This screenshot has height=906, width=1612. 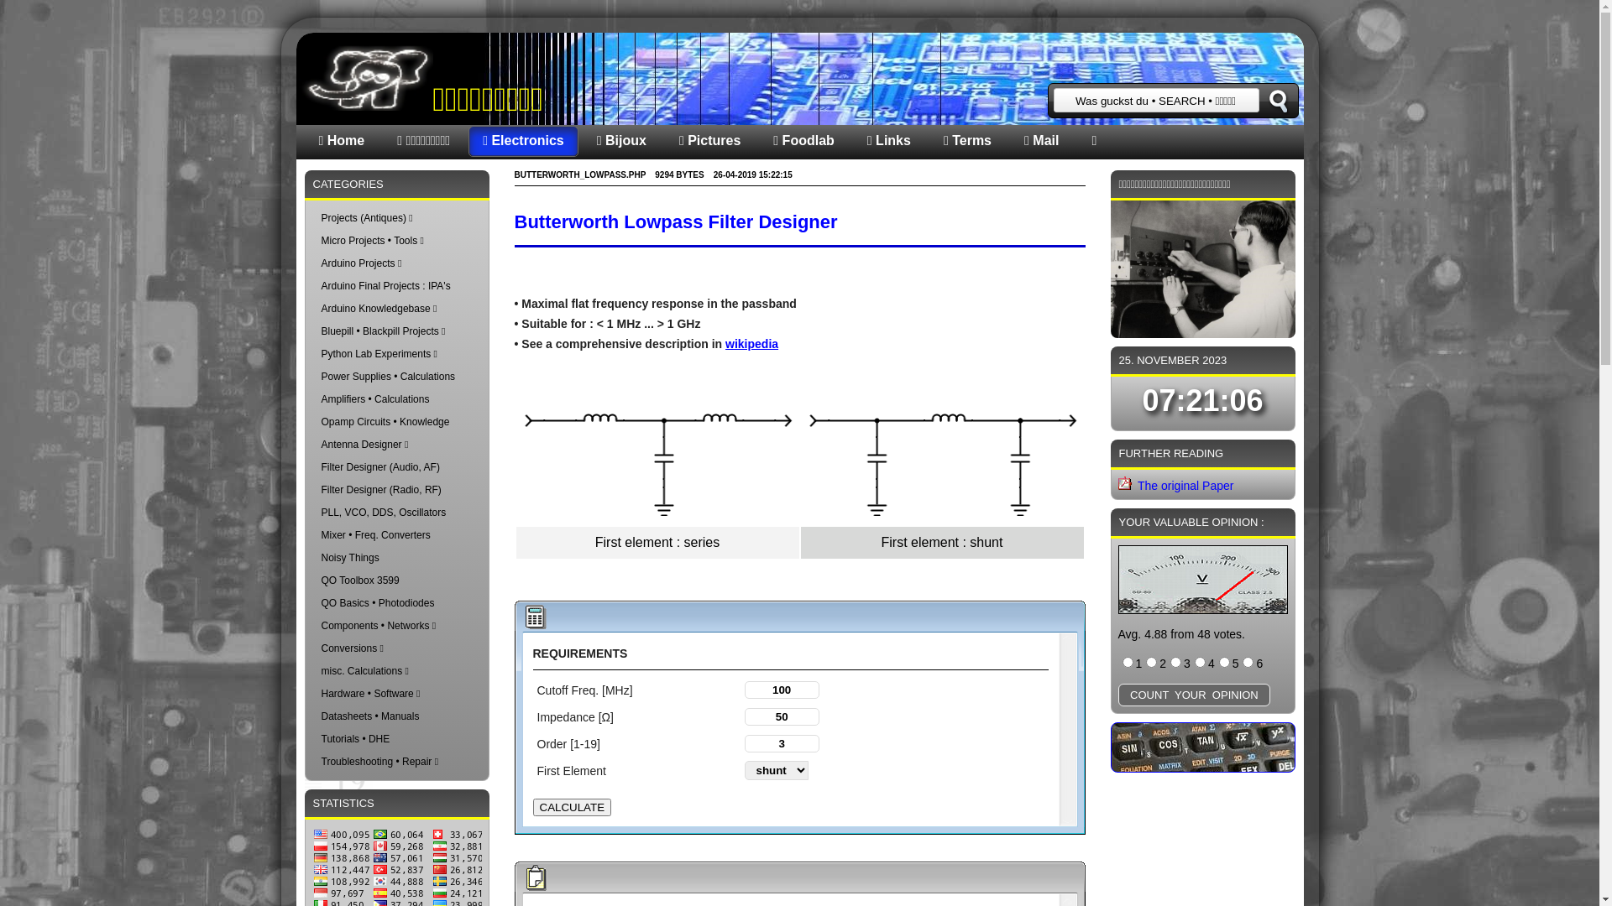 What do you see at coordinates (379, 466) in the screenshot?
I see `'Filter Designer (Audio, AF)'` at bounding box center [379, 466].